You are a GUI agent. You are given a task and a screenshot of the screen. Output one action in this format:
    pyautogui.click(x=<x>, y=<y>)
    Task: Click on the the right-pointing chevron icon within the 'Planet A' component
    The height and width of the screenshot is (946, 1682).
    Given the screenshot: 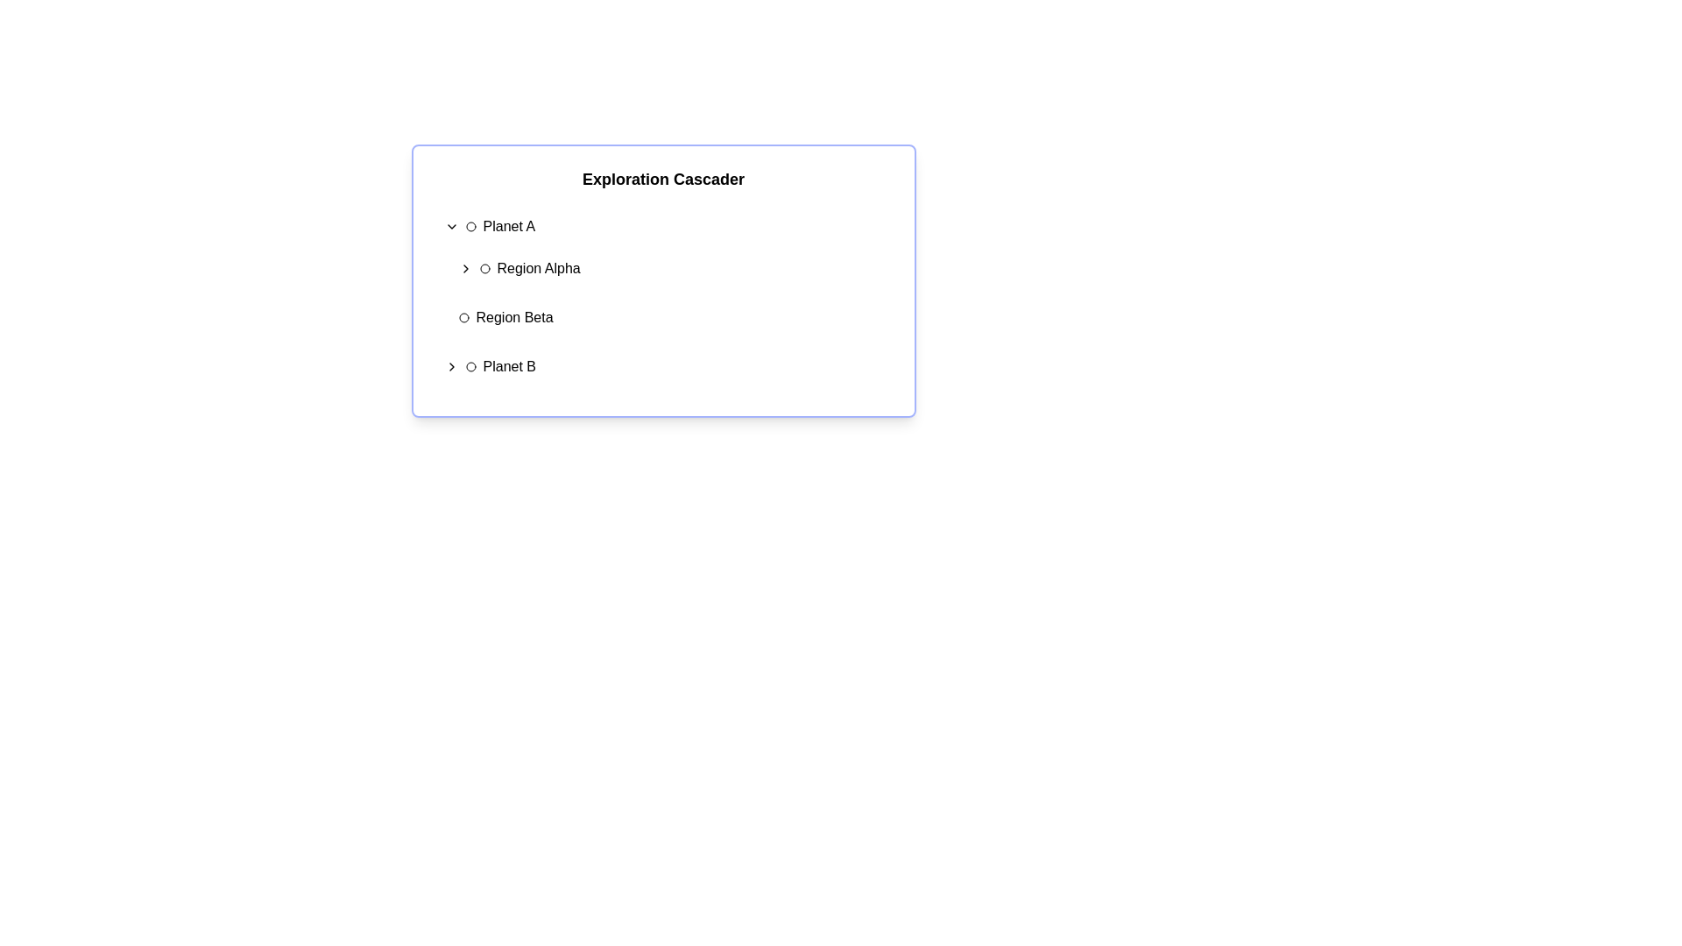 What is the action you would take?
    pyautogui.click(x=451, y=225)
    